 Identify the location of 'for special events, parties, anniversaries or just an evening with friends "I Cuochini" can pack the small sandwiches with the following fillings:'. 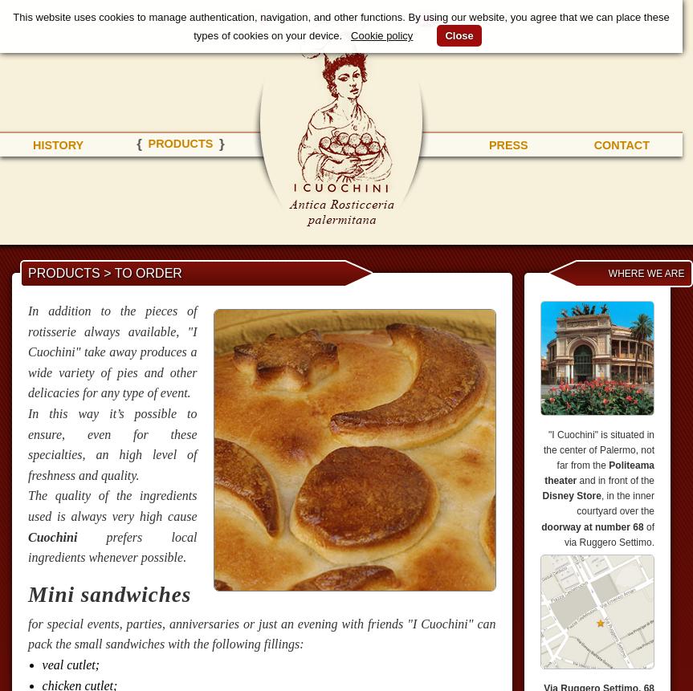
(261, 633).